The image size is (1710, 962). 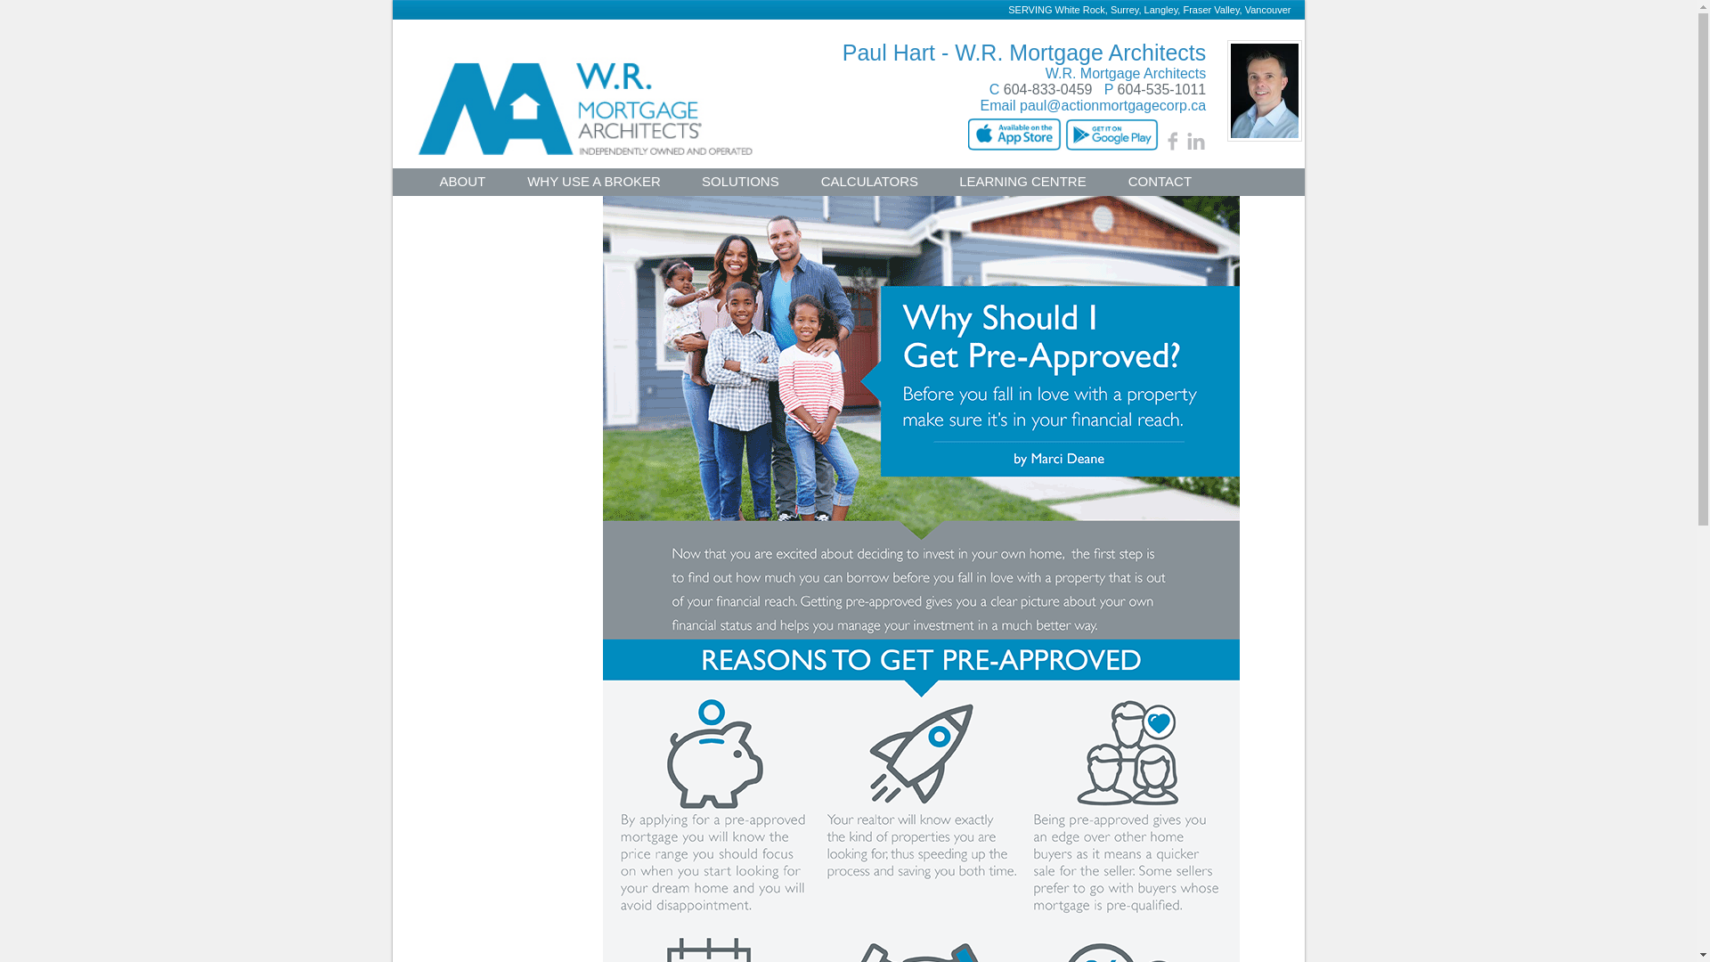 I want to click on 'WHY USE A BROKER', so click(x=594, y=184).